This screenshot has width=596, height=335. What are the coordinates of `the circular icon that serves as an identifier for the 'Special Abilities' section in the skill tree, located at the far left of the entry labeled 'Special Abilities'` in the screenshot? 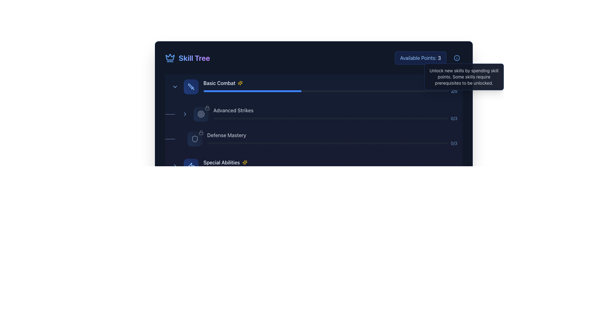 It's located at (191, 166).